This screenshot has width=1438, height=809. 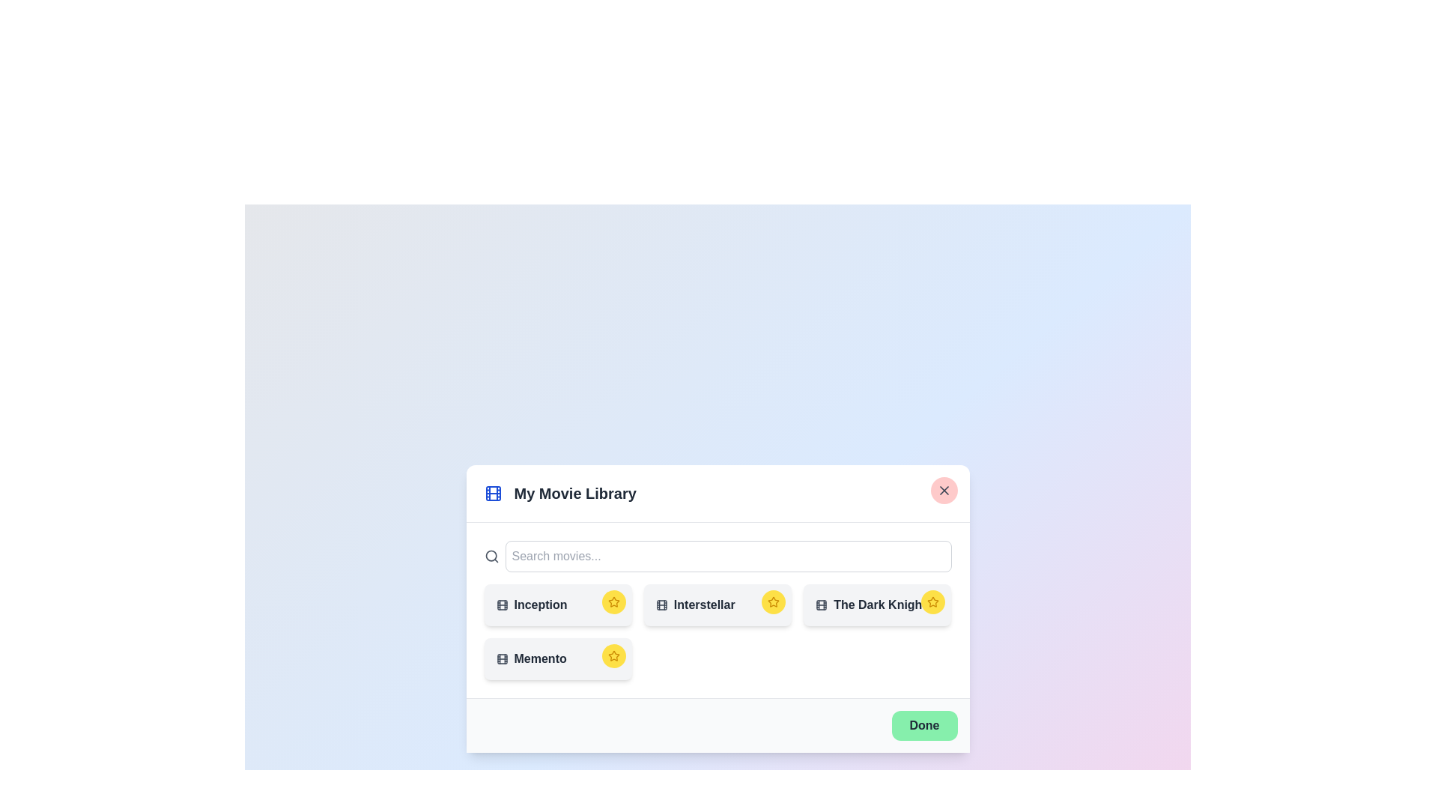 What do you see at coordinates (502, 604) in the screenshot?
I see `the rectangular icon featuring a film reel symbol in gray, located to the left of the text 'Inception' within the first card of the movie list` at bounding box center [502, 604].